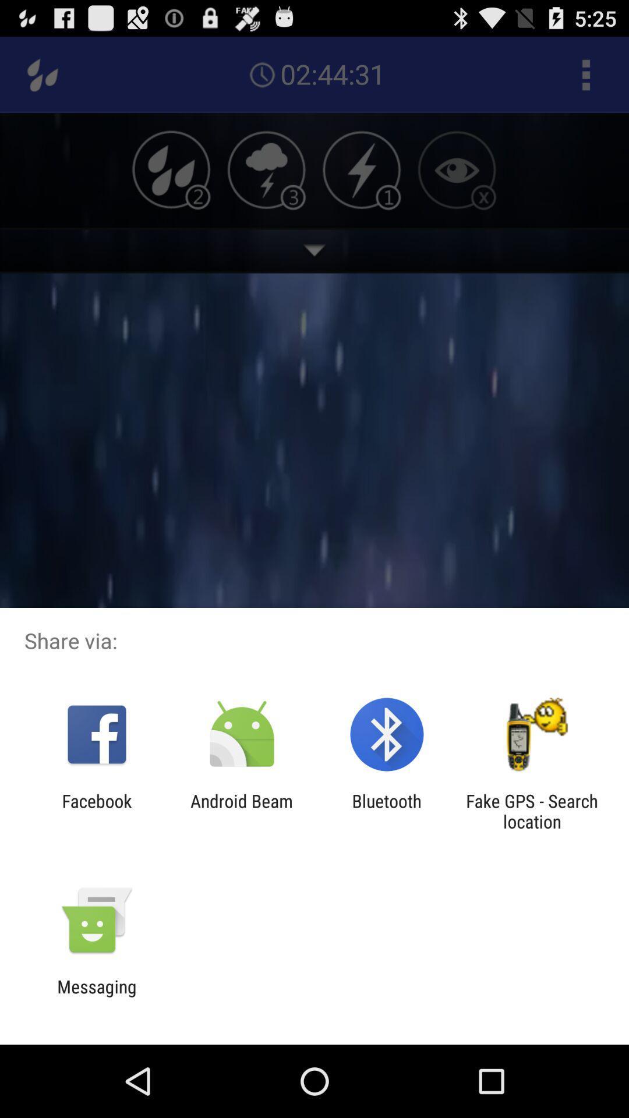 This screenshot has width=629, height=1118. I want to click on bluetooth app, so click(387, 811).